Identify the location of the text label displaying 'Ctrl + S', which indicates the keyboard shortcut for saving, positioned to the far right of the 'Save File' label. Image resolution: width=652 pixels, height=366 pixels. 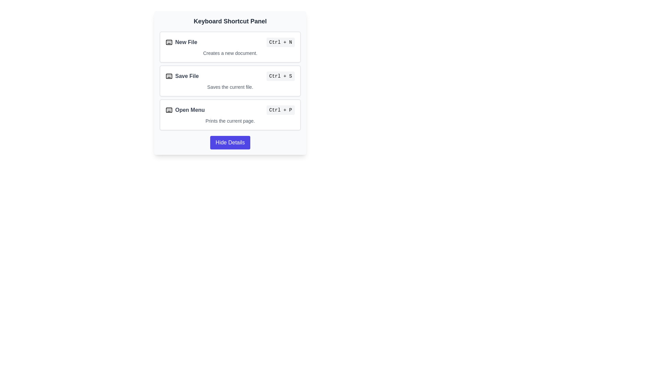
(280, 76).